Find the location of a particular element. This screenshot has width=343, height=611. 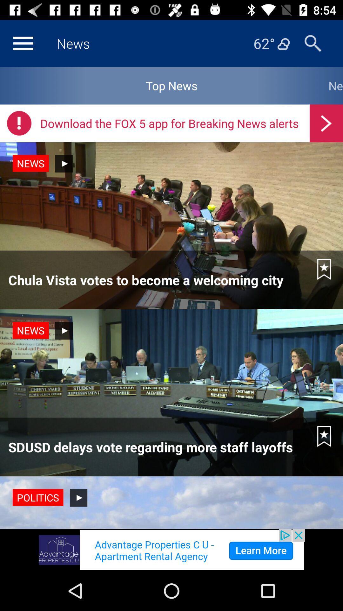

open advertisement is located at coordinates (171, 550).